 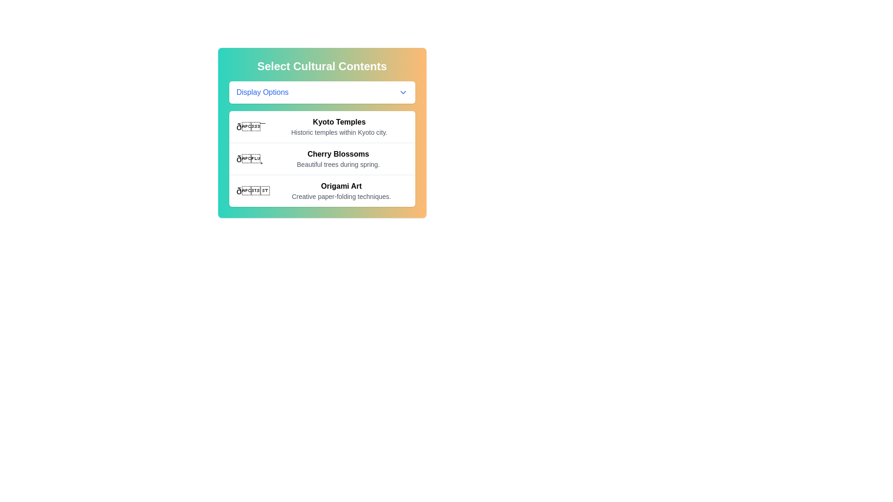 What do you see at coordinates (322, 127) in the screenshot?
I see `the first cultural content entry titled 'Kyoto Temples'` at bounding box center [322, 127].